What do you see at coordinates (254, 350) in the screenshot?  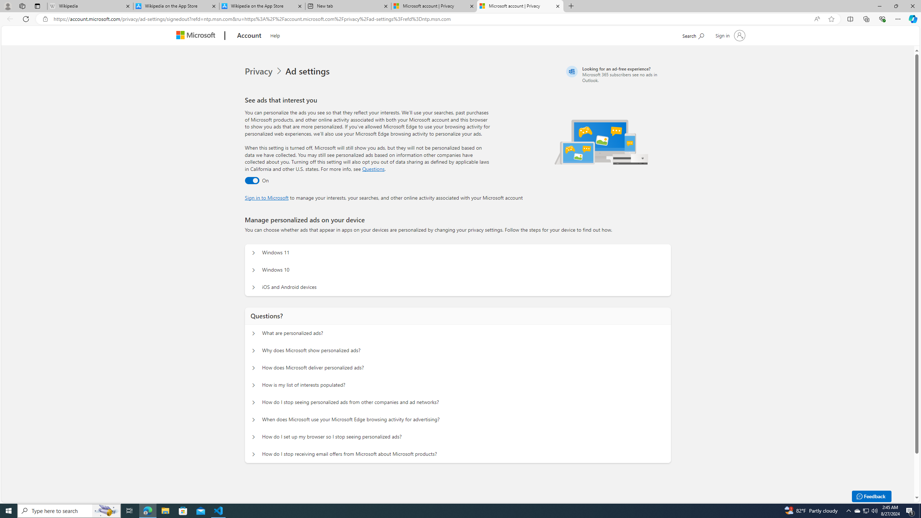 I see `'Questions? Why does Microsoft show personalized ads?'` at bounding box center [254, 350].